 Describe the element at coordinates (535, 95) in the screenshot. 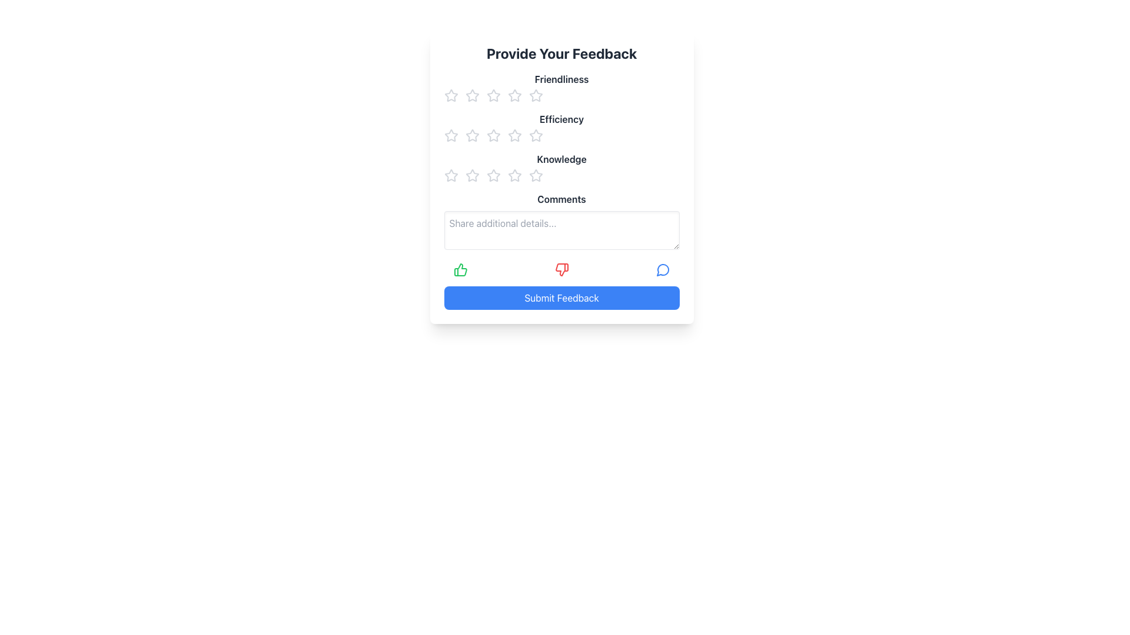

I see `the fifth star icon in the rating system` at that location.